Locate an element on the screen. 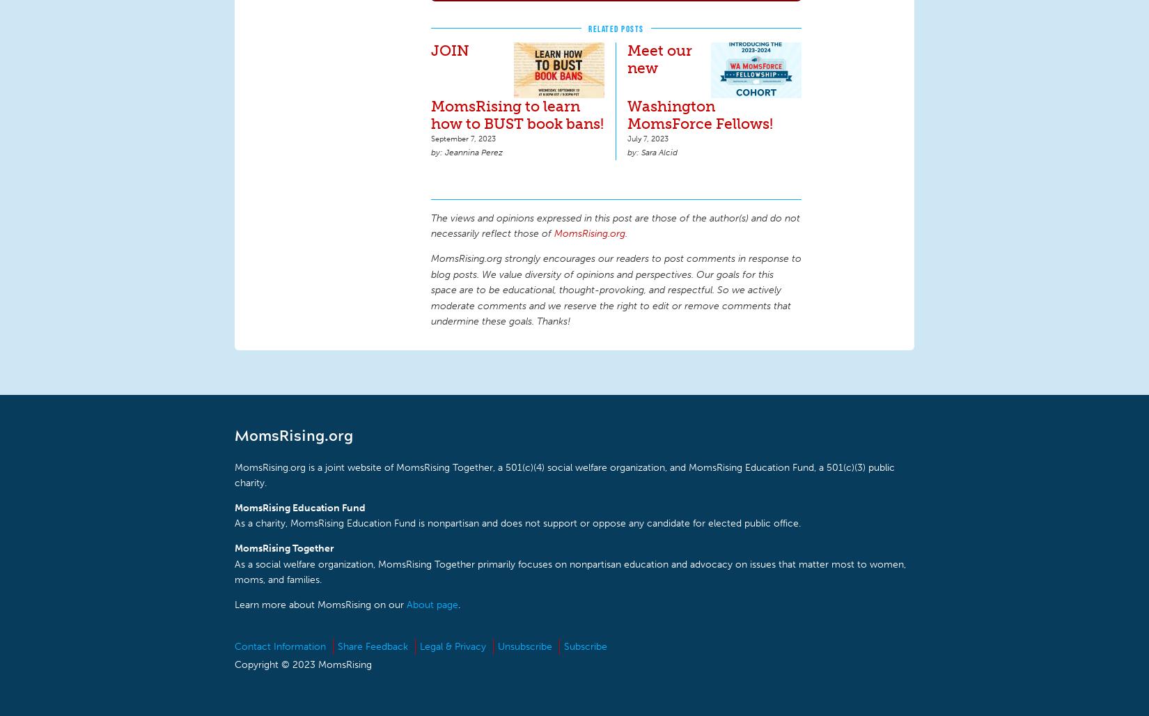 This screenshot has width=1149, height=716. 'Learn more about MomsRising on our' is located at coordinates (320, 604).